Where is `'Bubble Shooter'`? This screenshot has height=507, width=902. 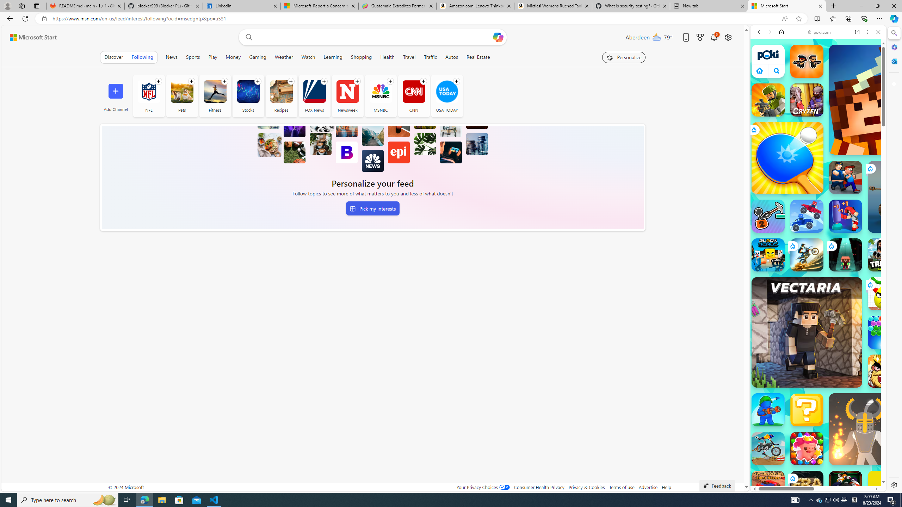
'Bubble Shooter' is located at coordinates (884, 332).